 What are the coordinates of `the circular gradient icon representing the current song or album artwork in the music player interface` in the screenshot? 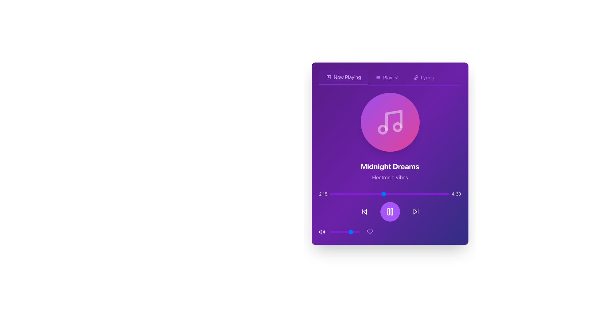 It's located at (390, 122).